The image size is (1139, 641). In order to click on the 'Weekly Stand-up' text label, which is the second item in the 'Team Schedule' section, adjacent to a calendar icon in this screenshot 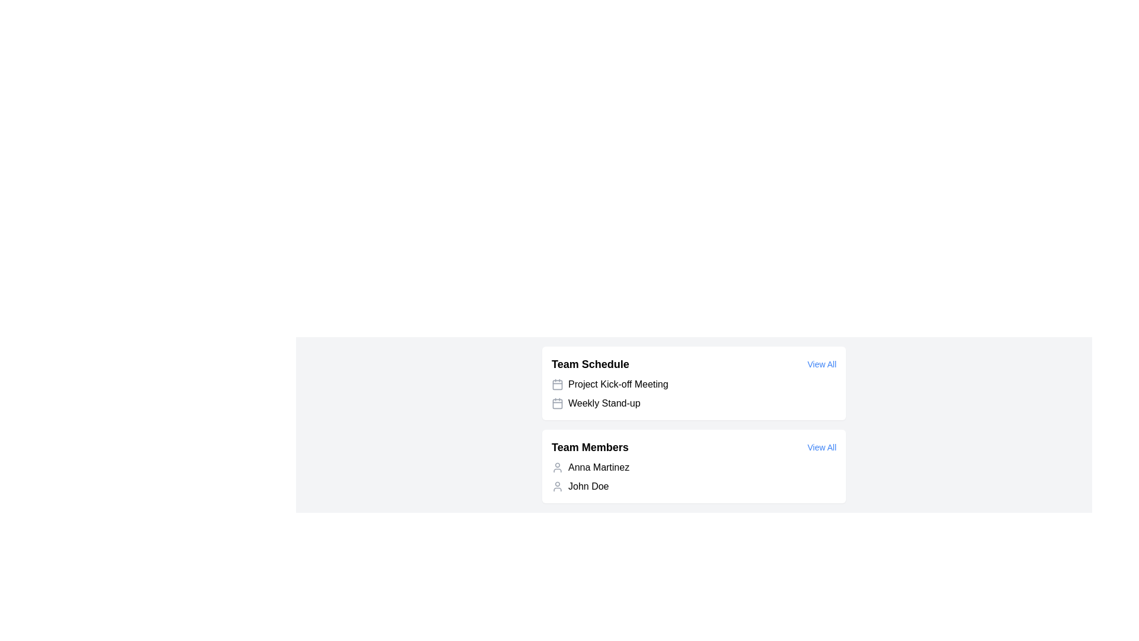, I will do `click(604, 402)`.